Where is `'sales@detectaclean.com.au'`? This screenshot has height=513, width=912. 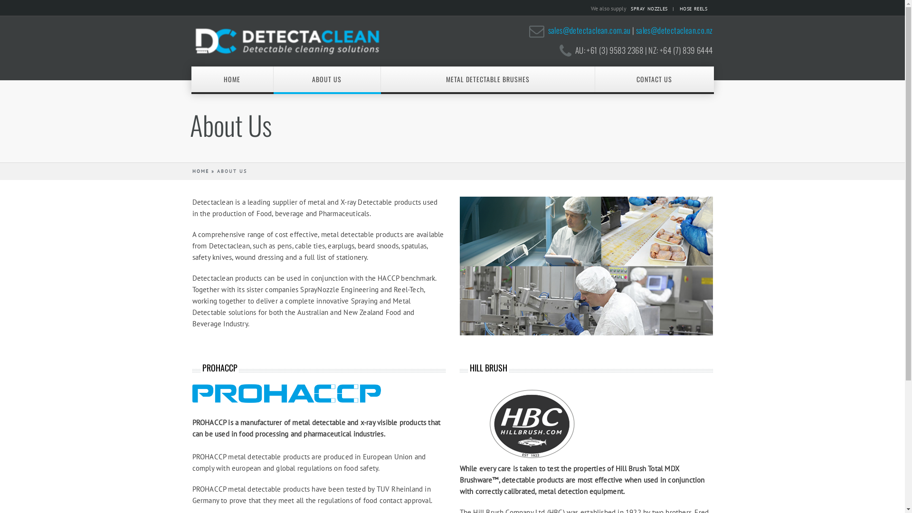 'sales@detectaclean.com.au' is located at coordinates (589, 29).